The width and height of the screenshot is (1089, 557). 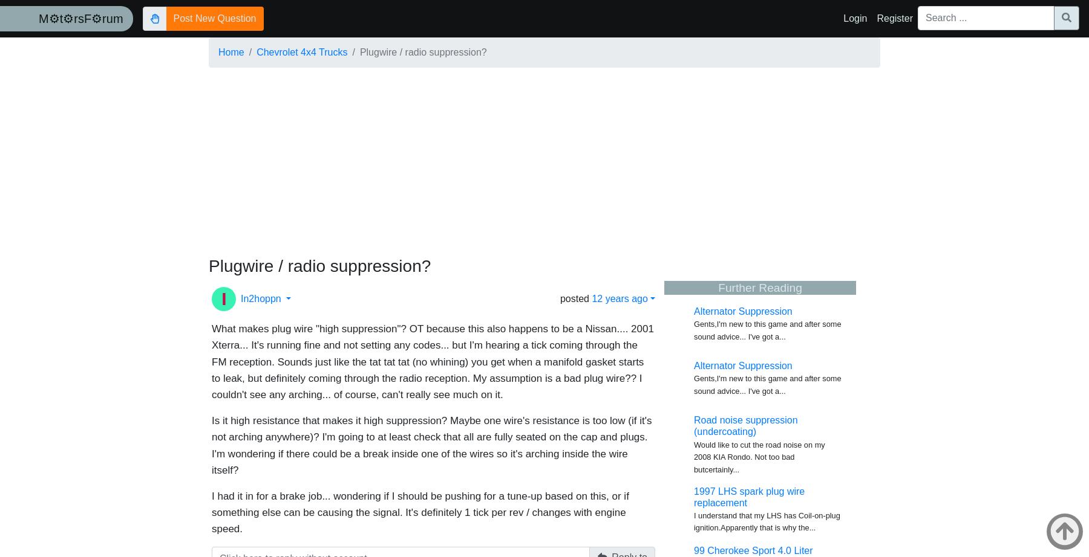 What do you see at coordinates (620, 298) in the screenshot?
I see `'12 years ago'` at bounding box center [620, 298].